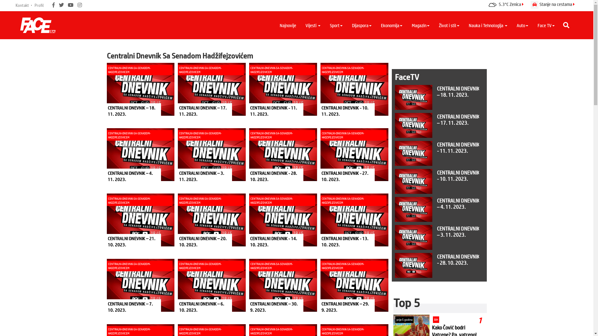  What do you see at coordinates (553, 3) in the screenshot?
I see `'Stanje na cestama'` at bounding box center [553, 3].